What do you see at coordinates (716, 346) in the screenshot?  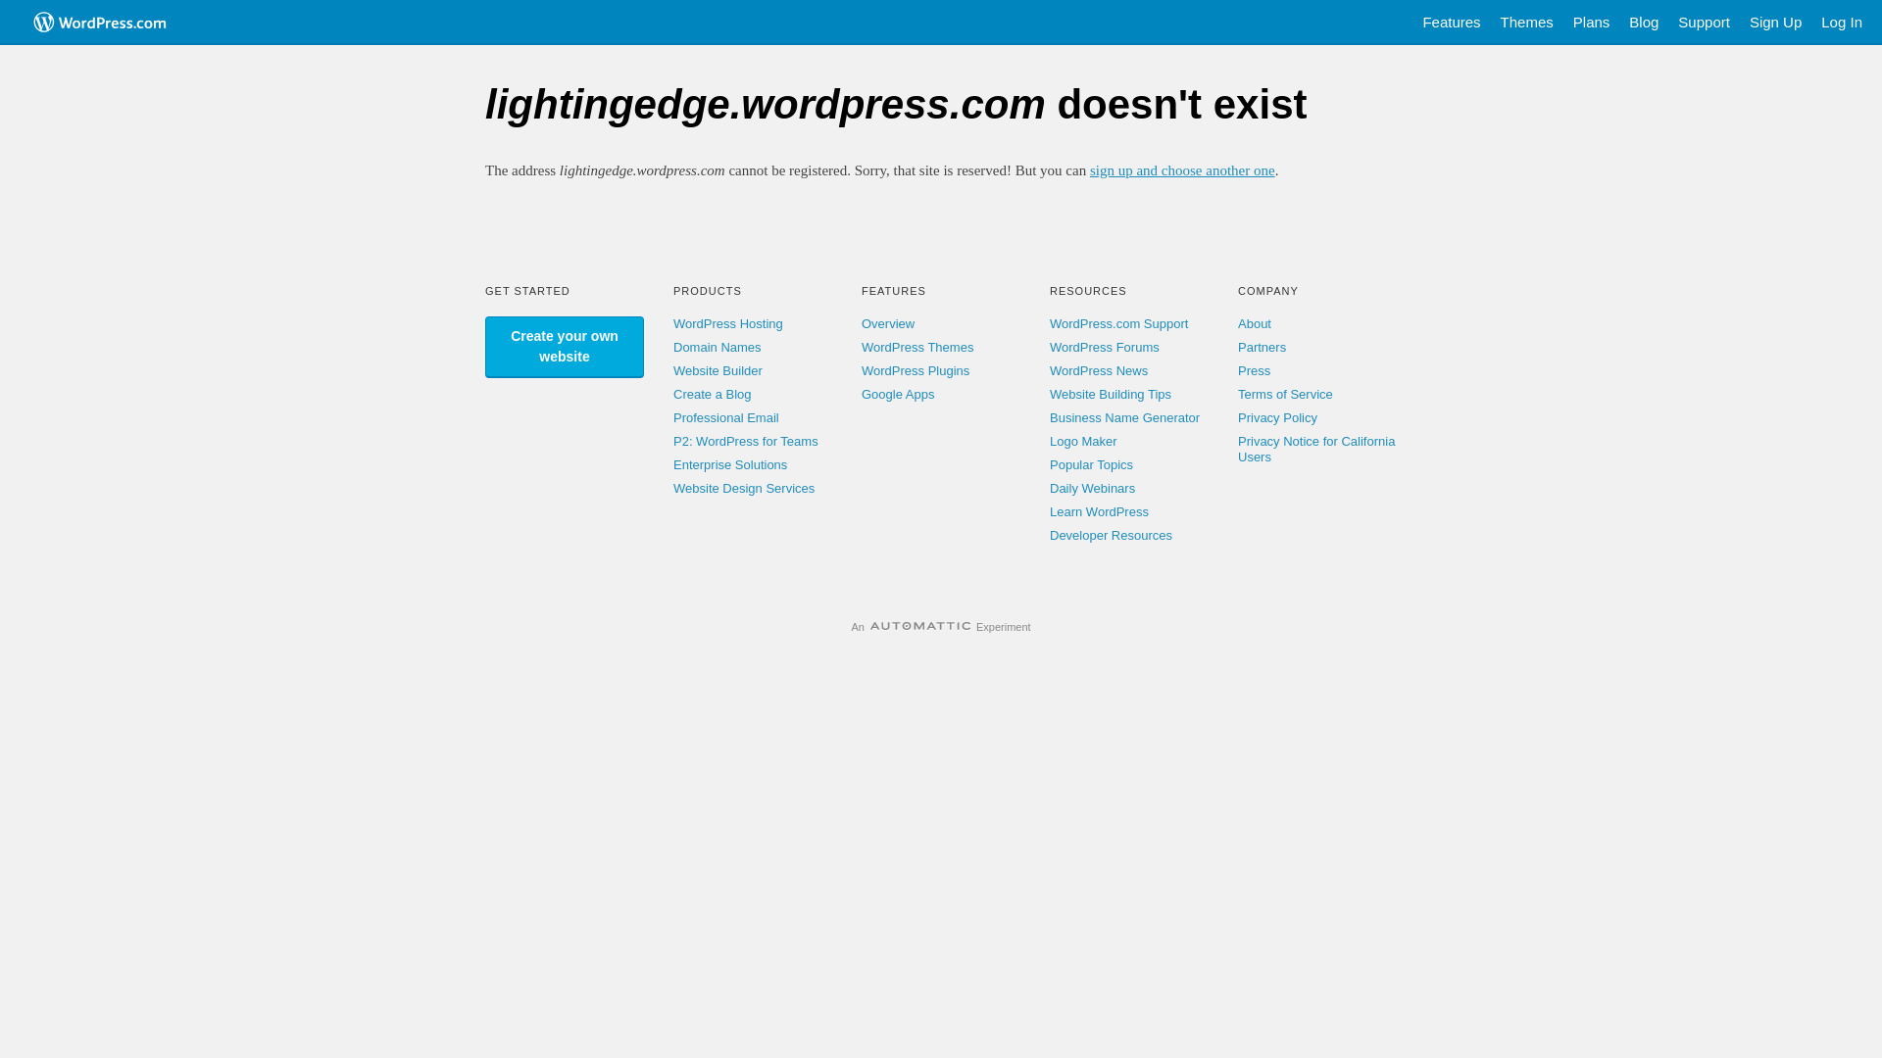 I see `'Domain Names'` at bounding box center [716, 346].